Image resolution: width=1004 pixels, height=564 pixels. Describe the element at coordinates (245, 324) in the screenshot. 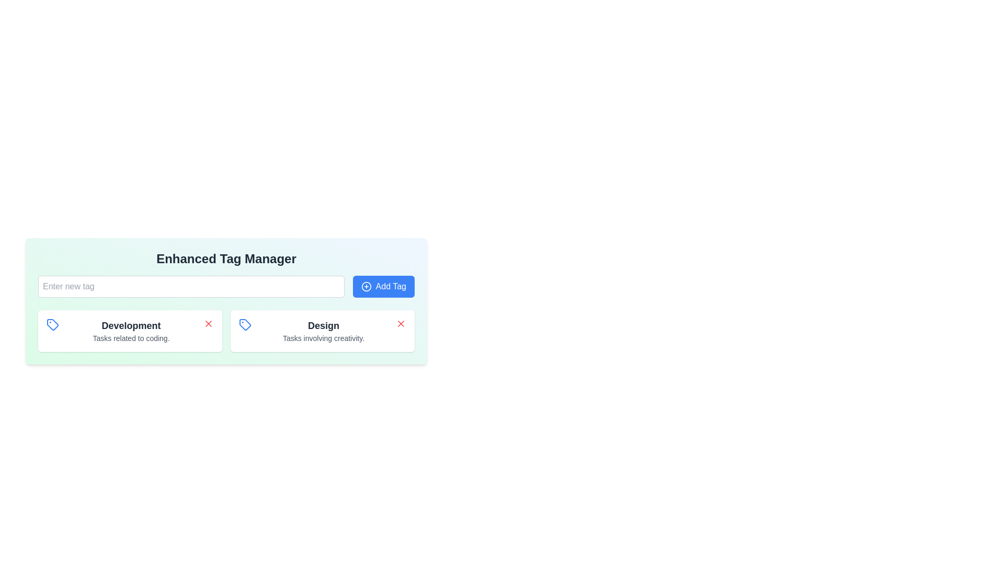

I see `the icon representing the 'Design' tag located to the left of the 'Design' tag's title and text description for potential interaction` at that location.